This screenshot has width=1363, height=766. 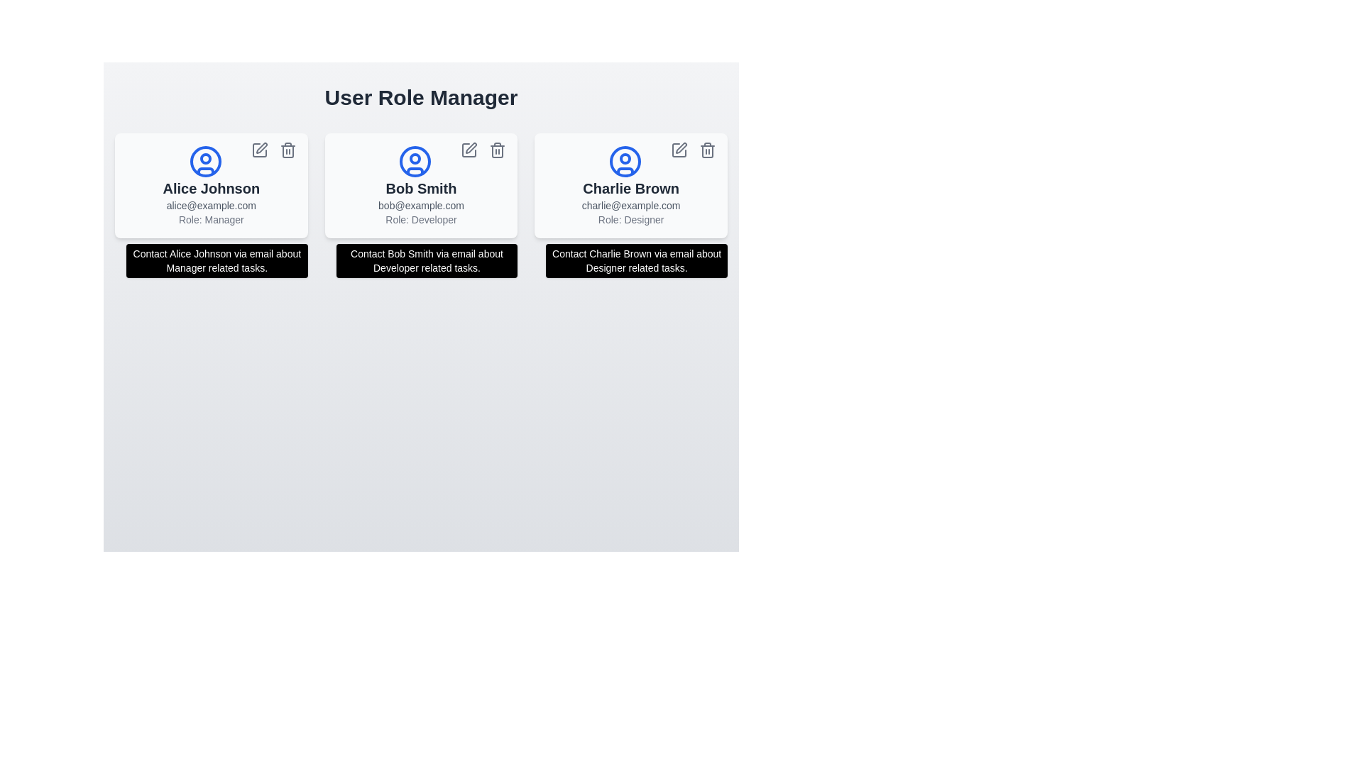 What do you see at coordinates (210, 205) in the screenshot?
I see `the Text Label displaying the email address for the user 'Alice Johnson', which is located beneath the name and above the role in the user role management interface` at bounding box center [210, 205].